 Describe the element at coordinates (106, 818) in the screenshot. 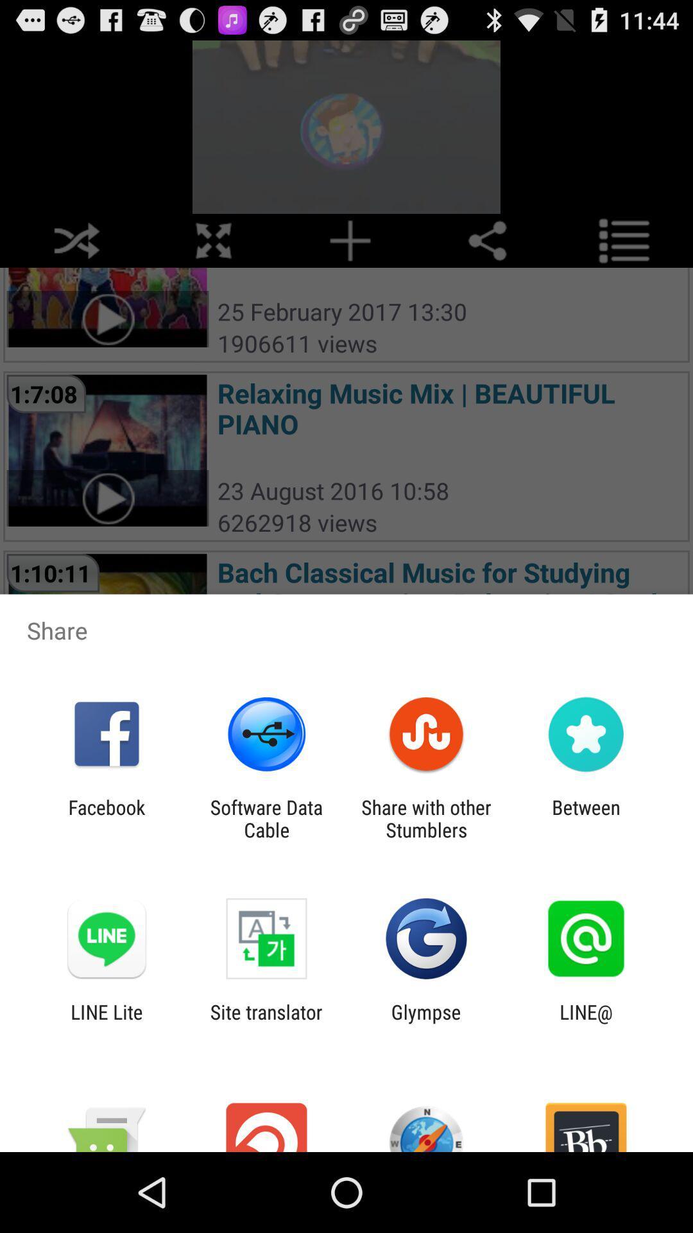

I see `the item next to software data cable` at that location.